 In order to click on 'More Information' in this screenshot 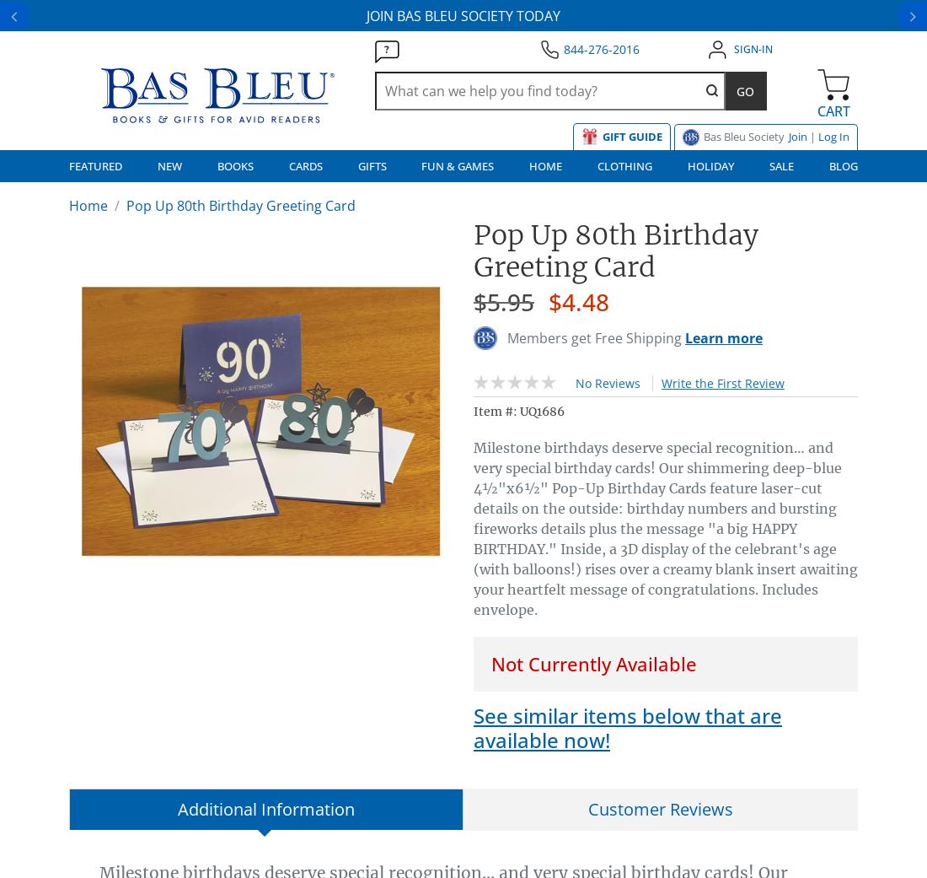, I will do `click(453, 235)`.